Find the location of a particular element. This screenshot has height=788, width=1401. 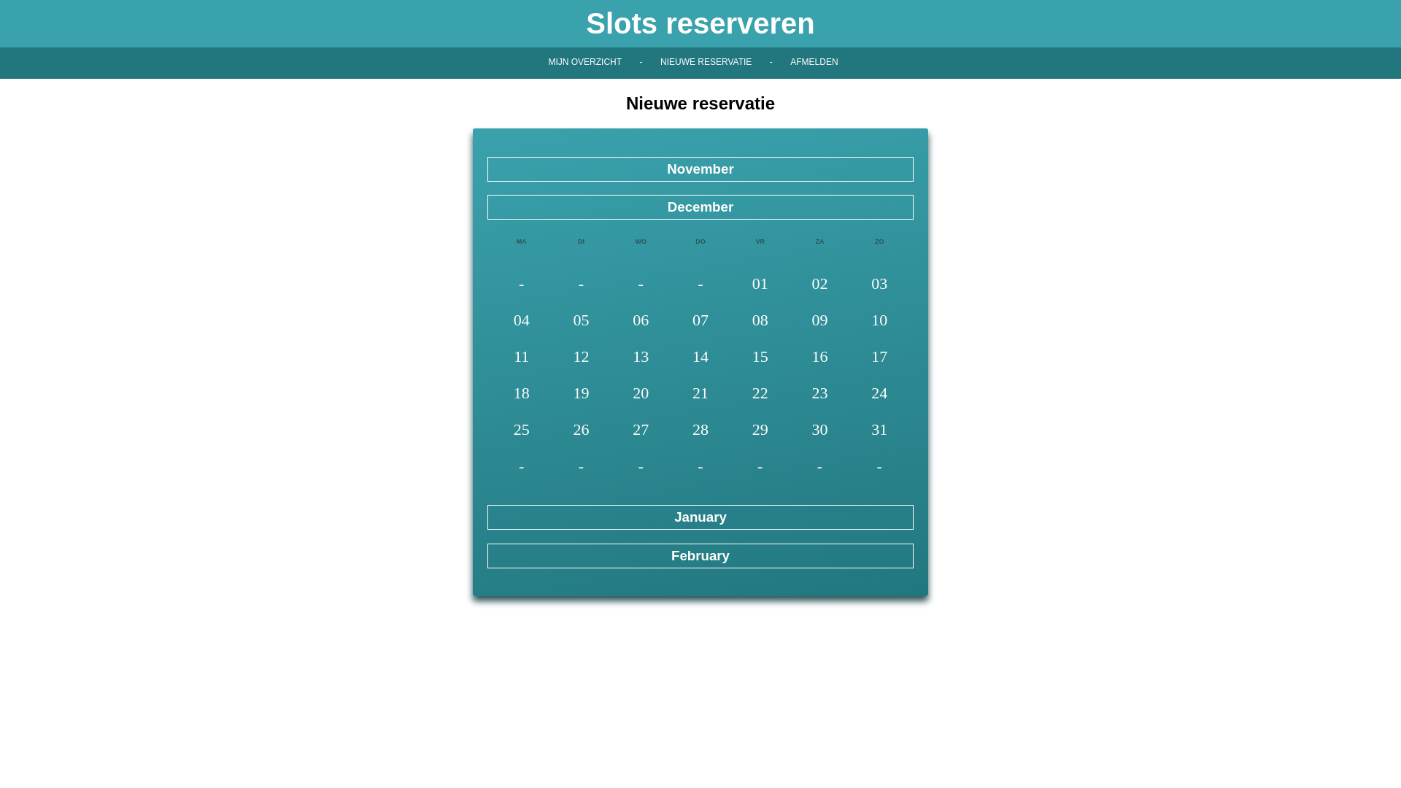

'February' is located at coordinates (700, 555).